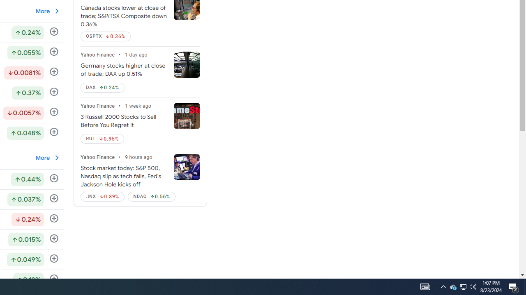 The image size is (526, 295). What do you see at coordinates (152, 196) in the screenshot?
I see `'NDAQ Up by 0.56%'` at bounding box center [152, 196].